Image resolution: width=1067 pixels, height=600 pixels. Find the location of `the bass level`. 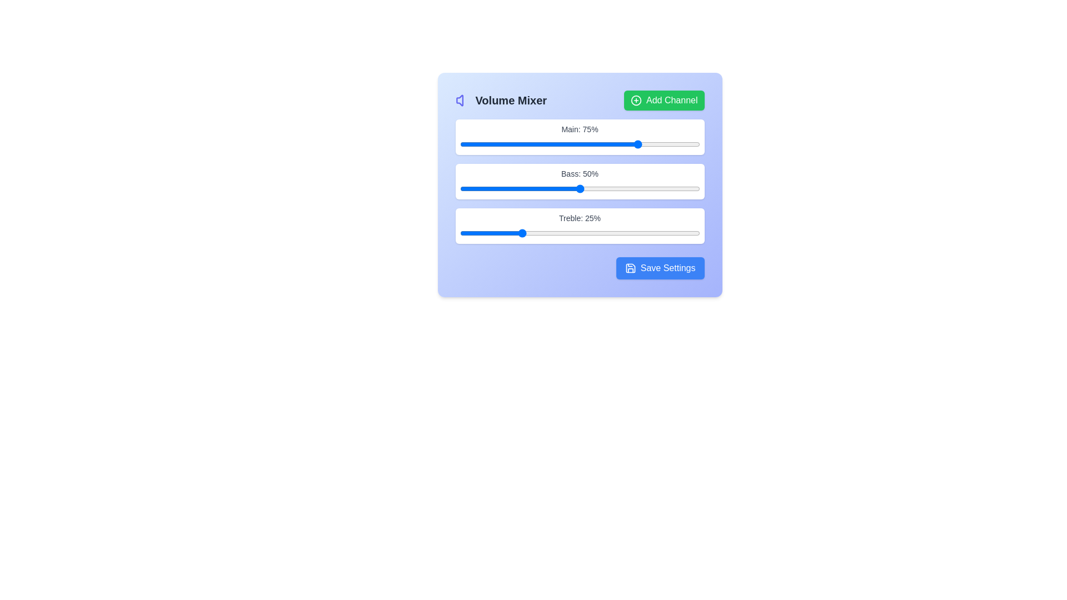

the bass level is located at coordinates (682, 188).